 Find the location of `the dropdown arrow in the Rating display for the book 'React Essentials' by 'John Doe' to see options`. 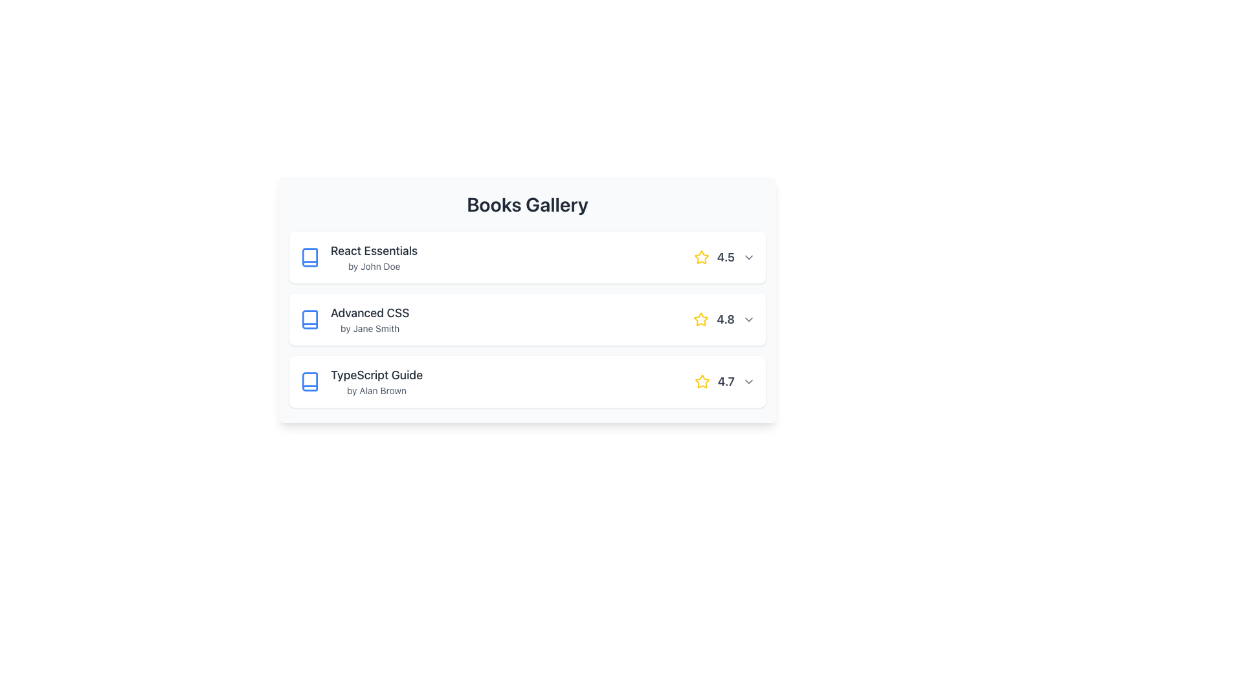

the dropdown arrow in the Rating display for the book 'React Essentials' by 'John Doe' to see options is located at coordinates (724, 257).